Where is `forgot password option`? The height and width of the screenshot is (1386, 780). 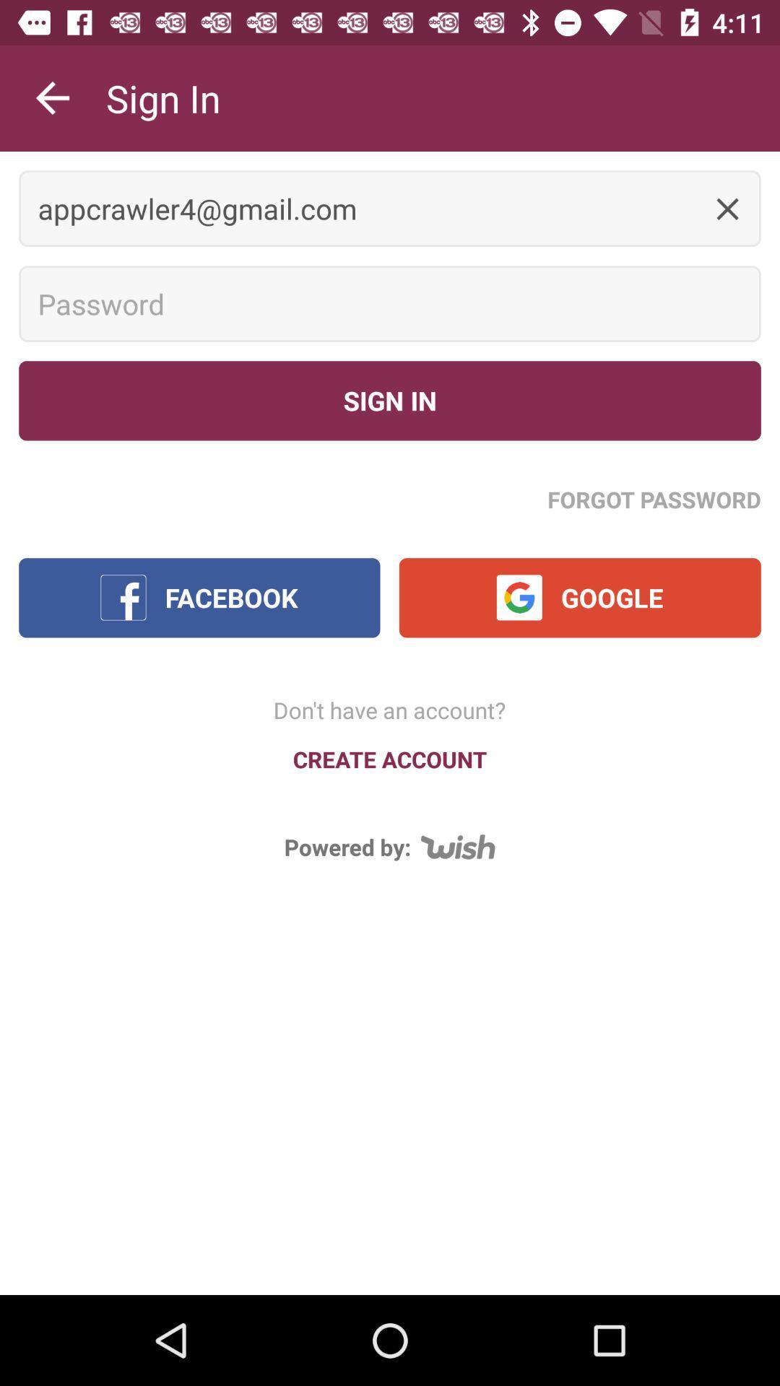
forgot password option is located at coordinates (654, 499).